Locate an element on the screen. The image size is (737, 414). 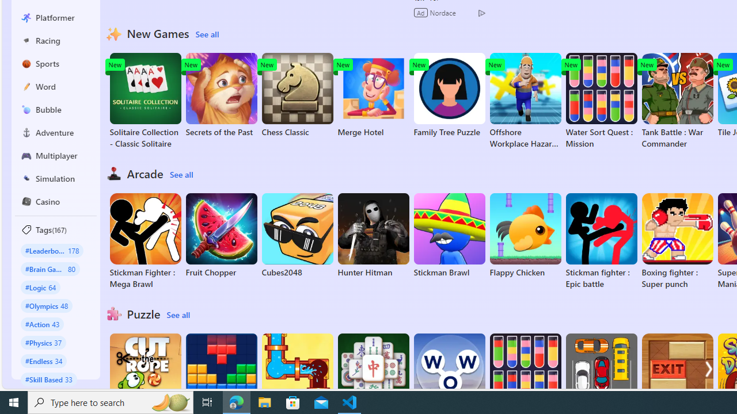
'Hunter Hitman' is located at coordinates (373, 235).